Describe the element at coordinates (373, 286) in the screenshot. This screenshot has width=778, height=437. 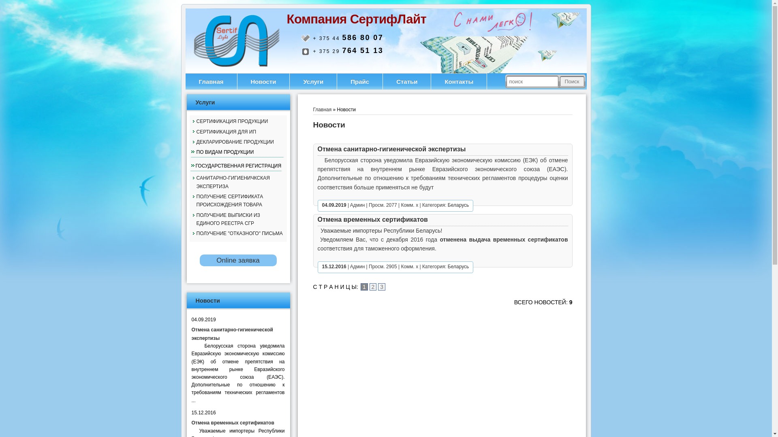
I see `'2'` at that location.